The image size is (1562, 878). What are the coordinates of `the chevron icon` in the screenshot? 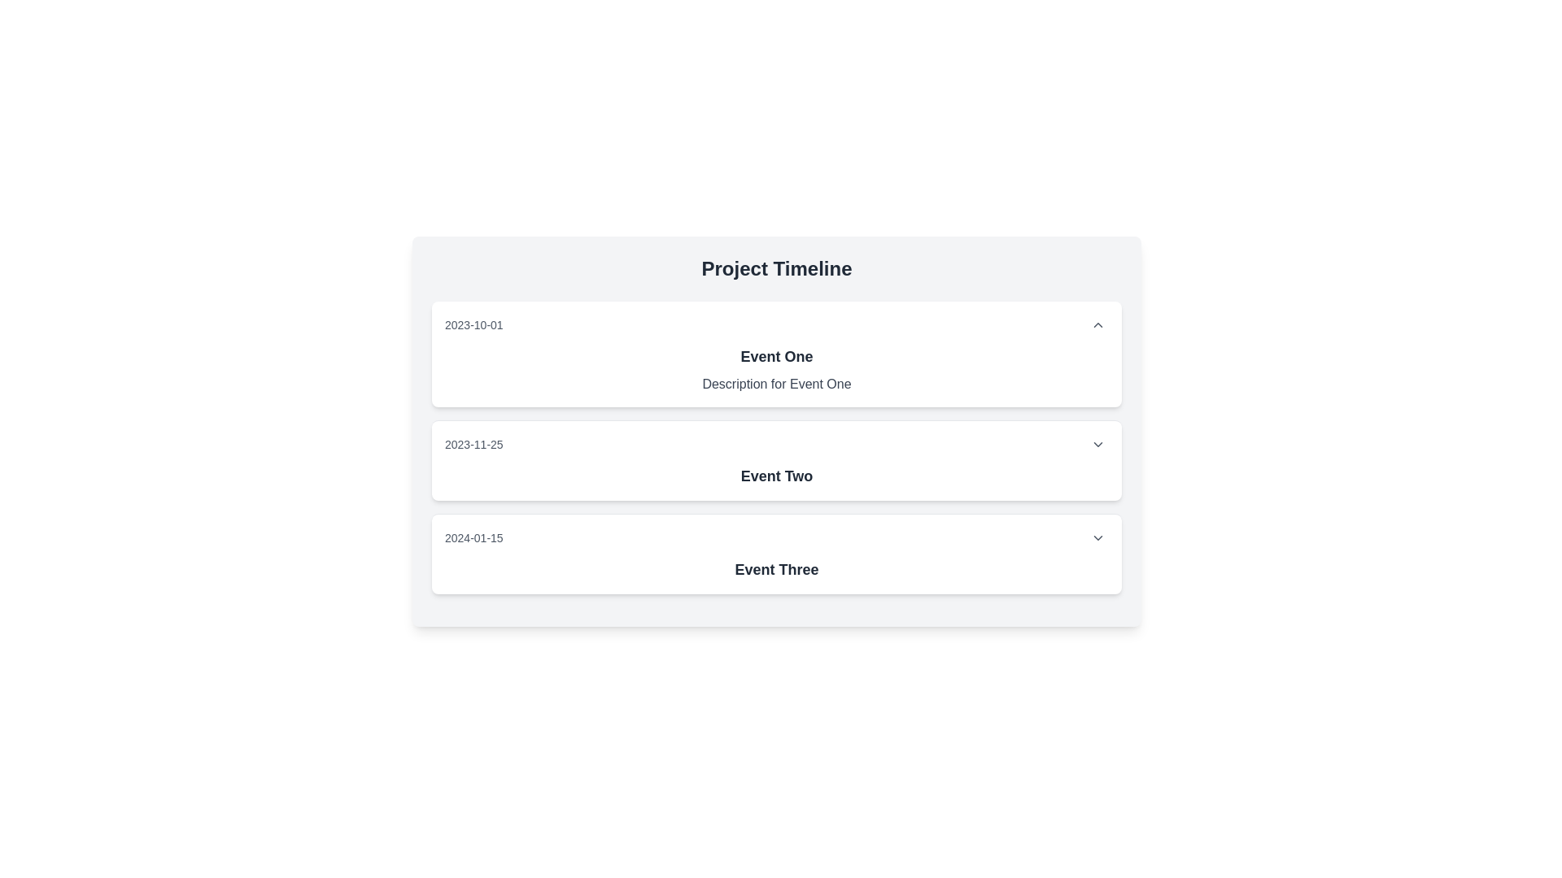 It's located at (1097, 538).